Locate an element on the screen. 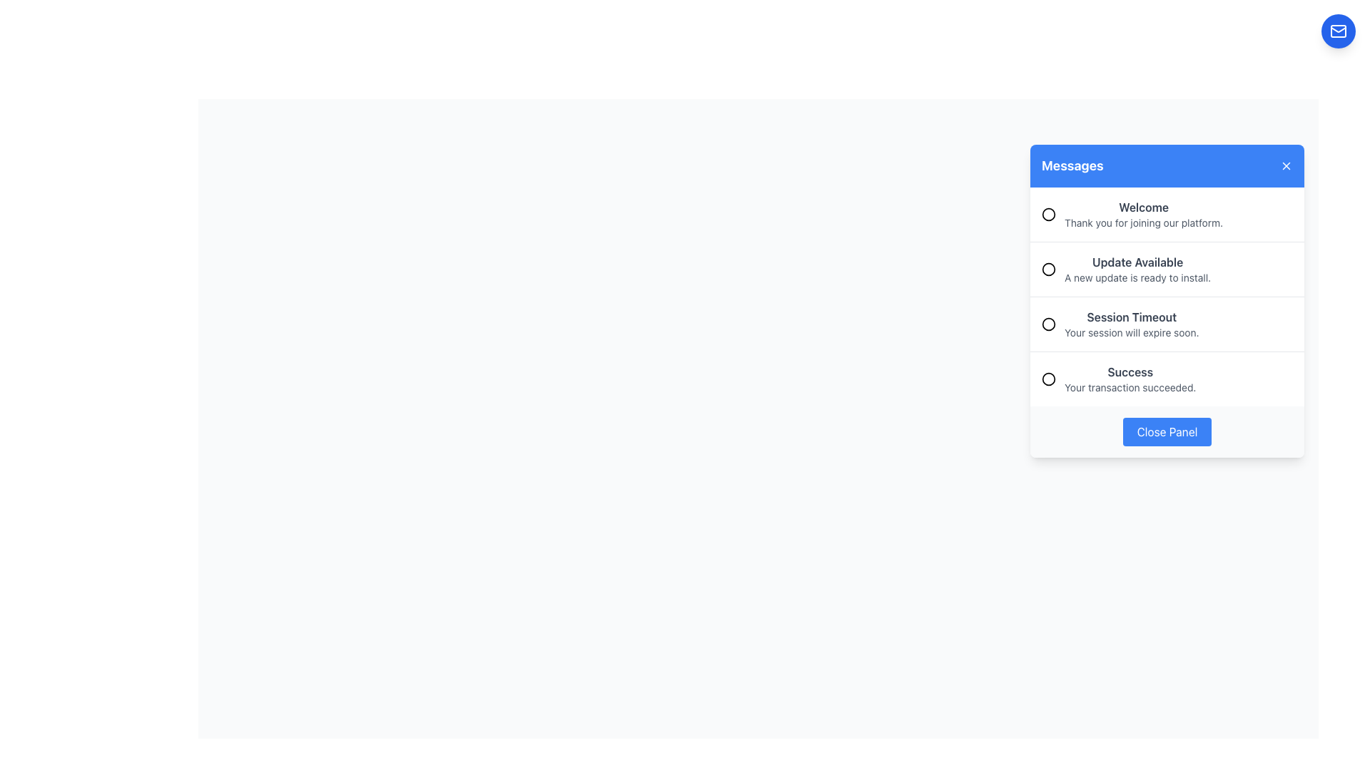  text block that contains the heading 'Update Available' and its description 'A new update is ready to install.' located in the second row of the list beneath 'Welcome' is located at coordinates (1137, 269).